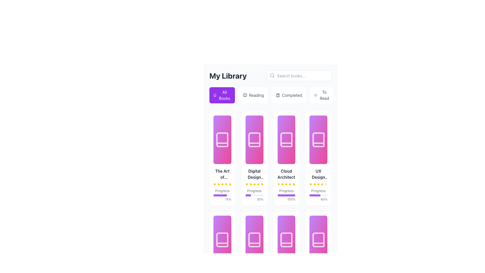  Describe the element at coordinates (262, 184) in the screenshot. I see `the 5th star icon in the rating system for the book 'Cloud Architect' located in the 'All Books' section` at that location.